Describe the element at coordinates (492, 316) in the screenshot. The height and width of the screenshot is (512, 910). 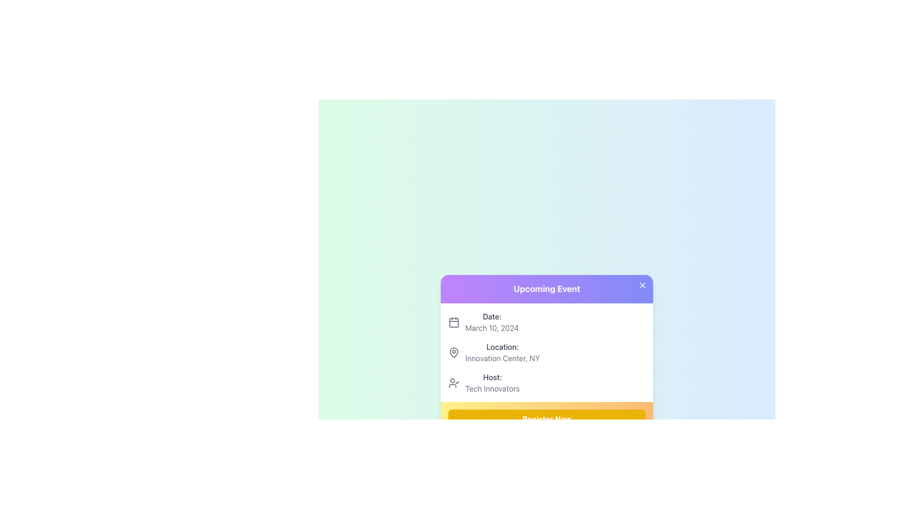
I see `the text label indicating the date information, which is positioned at the top section of the information card, directly above the date 'March 10, 2024'` at that location.